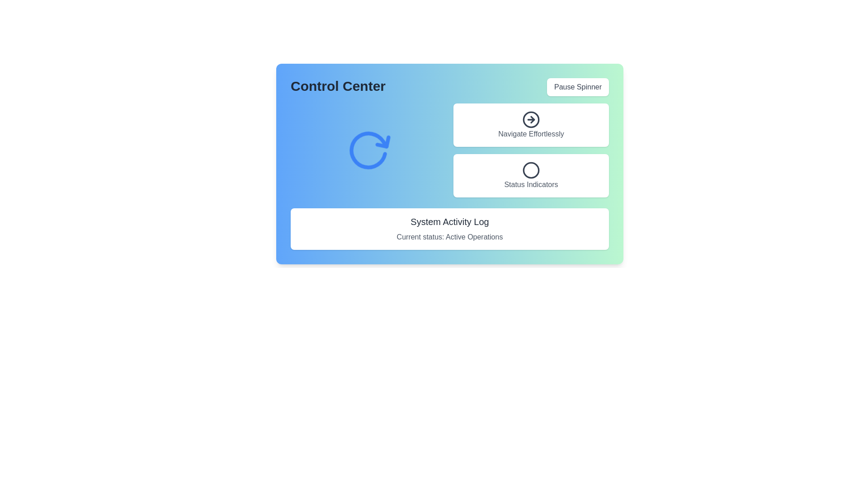 This screenshot has width=868, height=488. I want to click on the animation of the refresh icon located in the Control Center interface, positioned to the left of 'Navigate Effortlessly' and 'Status Indicators', so click(368, 150).